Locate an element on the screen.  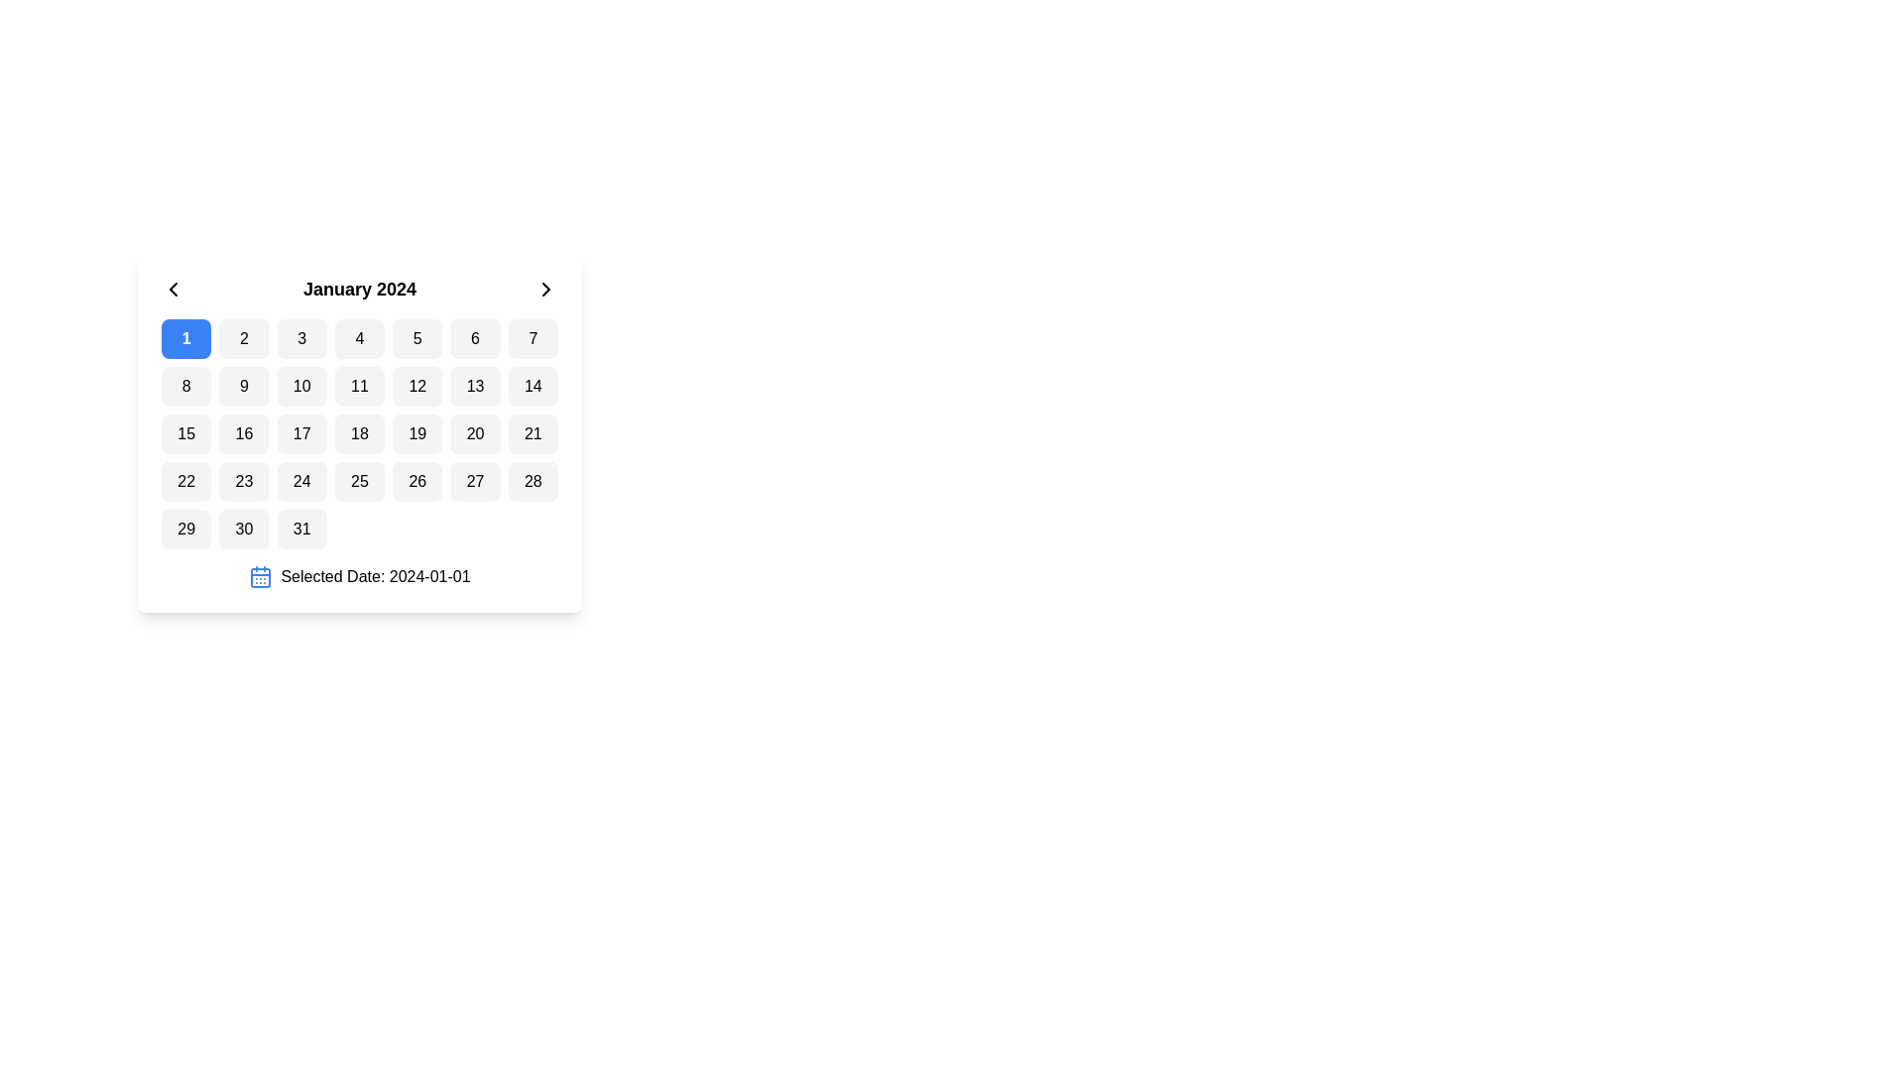
the calendar icon with a blue outline is located at coordinates (260, 577).